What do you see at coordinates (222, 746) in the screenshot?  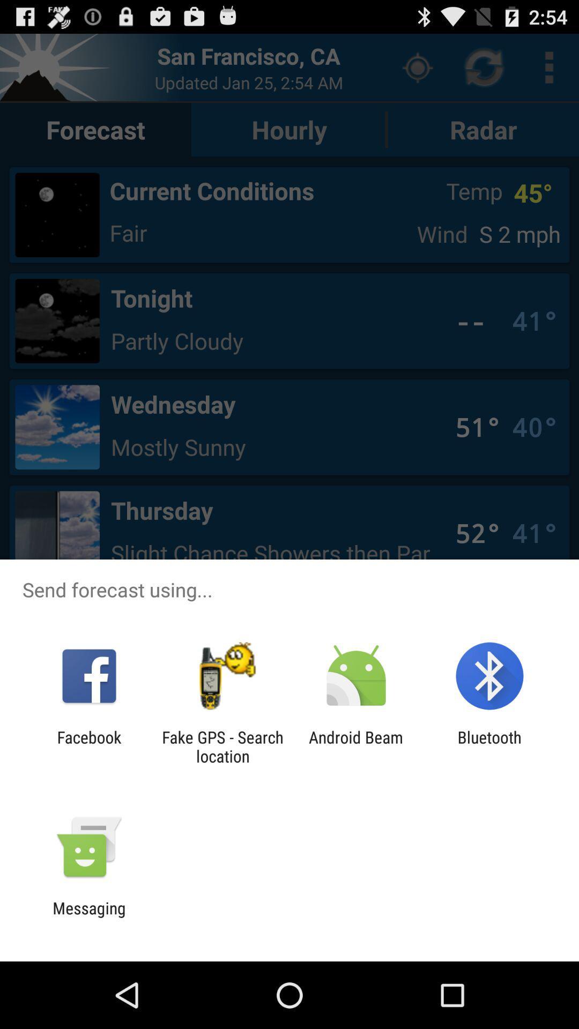 I see `the fake gps search item` at bounding box center [222, 746].